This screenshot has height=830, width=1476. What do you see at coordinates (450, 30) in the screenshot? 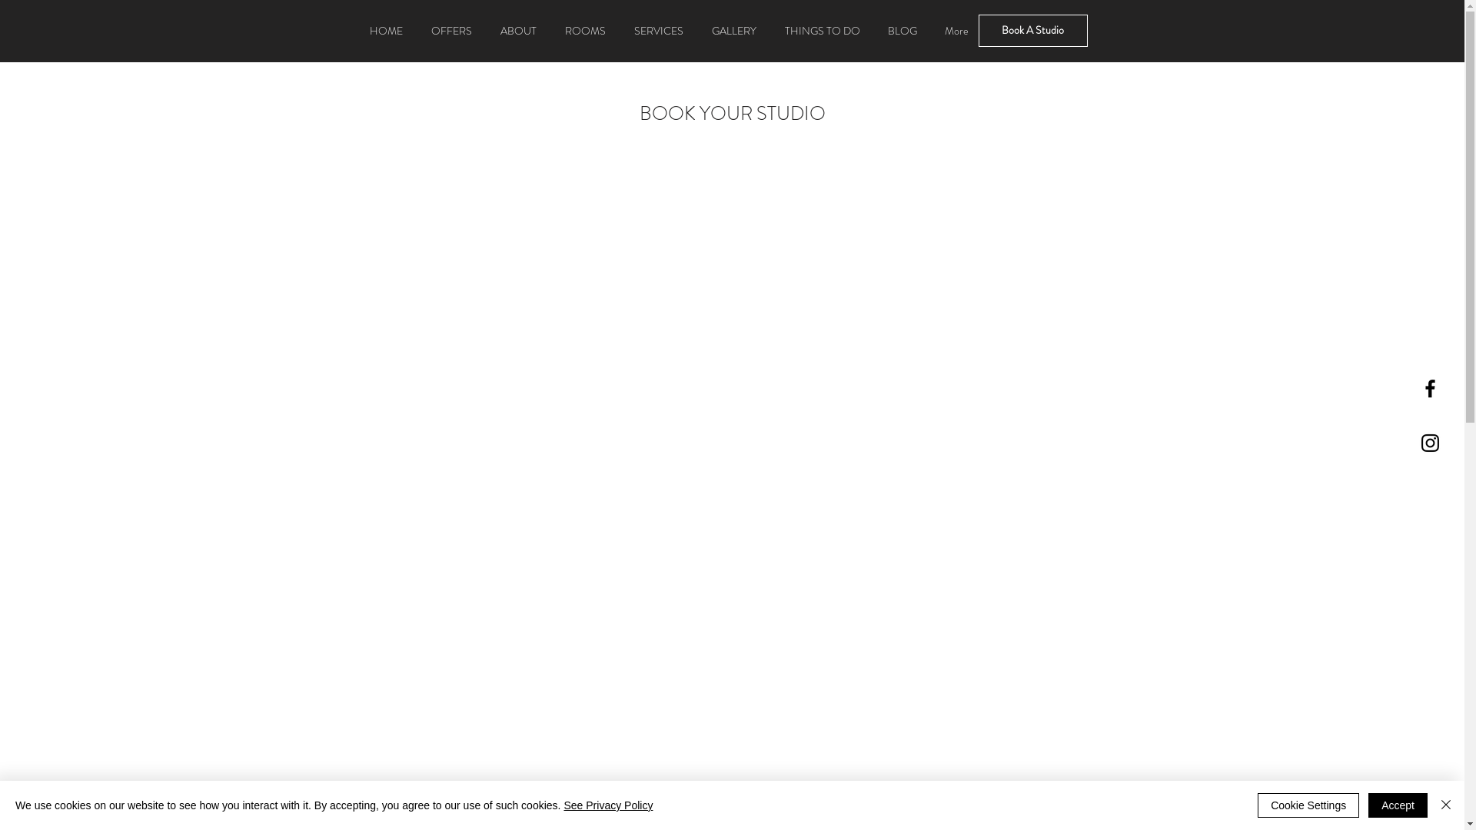
I see `'OFFERS'` at bounding box center [450, 30].